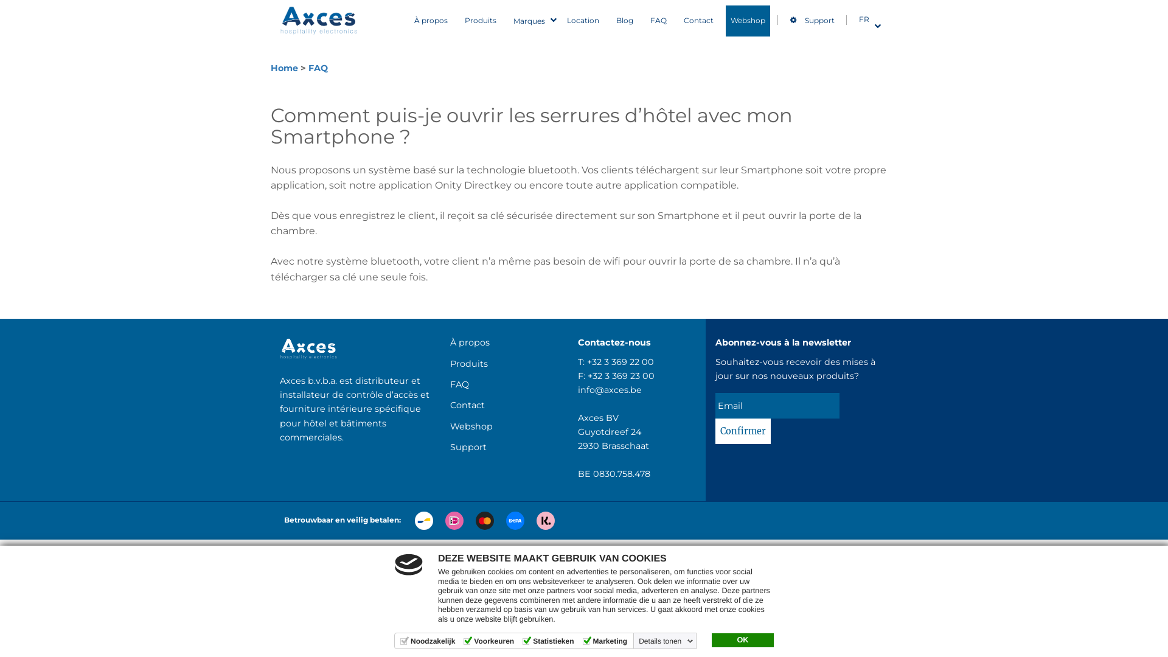 The image size is (1168, 657). I want to click on 'Confirmer', so click(742, 431).